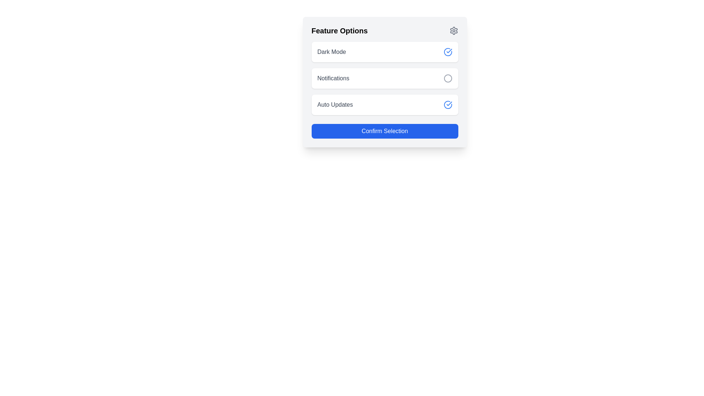 This screenshot has height=396, width=704. Describe the element at coordinates (453, 30) in the screenshot. I see `the gear-shaped icon located in the upper right corner of the interface, next to 'Feature Options'` at that location.